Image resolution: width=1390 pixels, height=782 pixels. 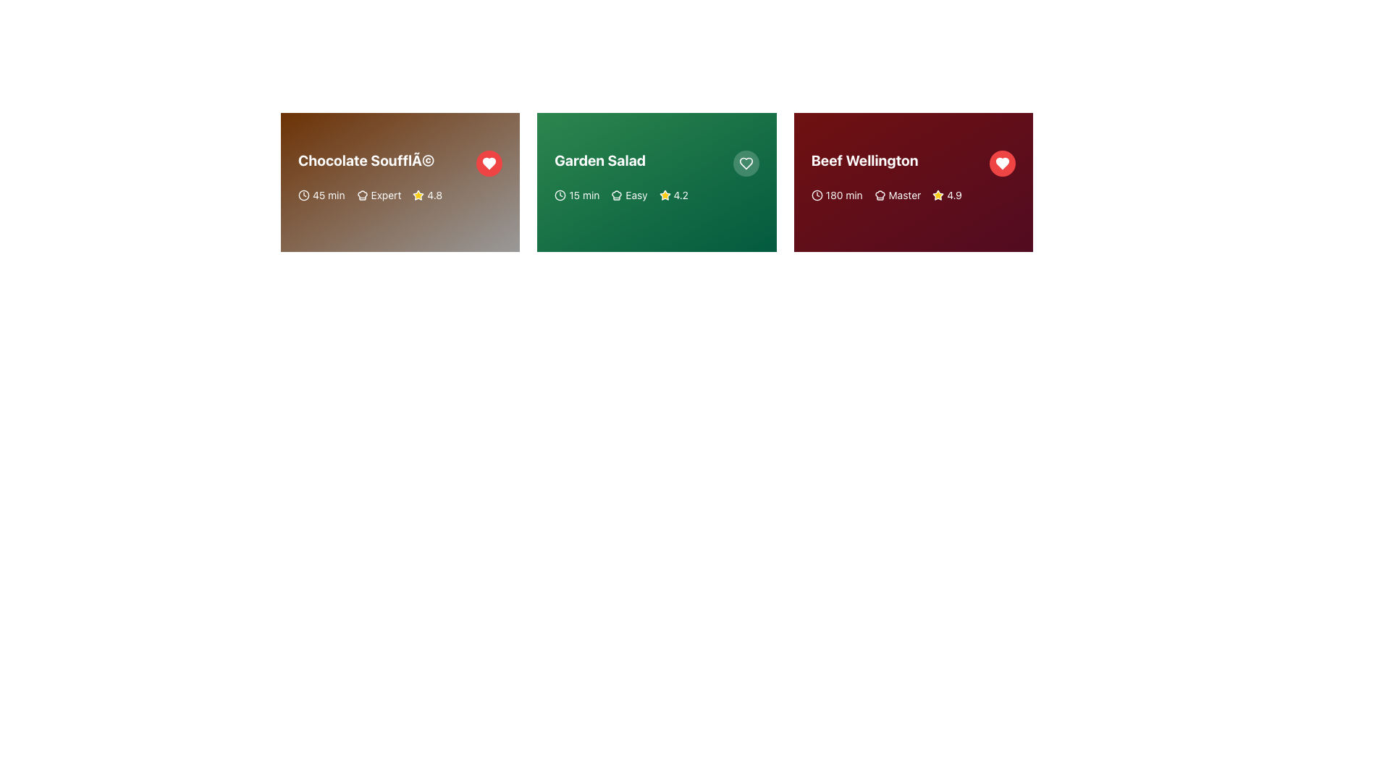 I want to click on the yellow star icon representing a rating for 'Chocolate Soufflé', located next to the numeric rating of '4.8', so click(x=418, y=195).